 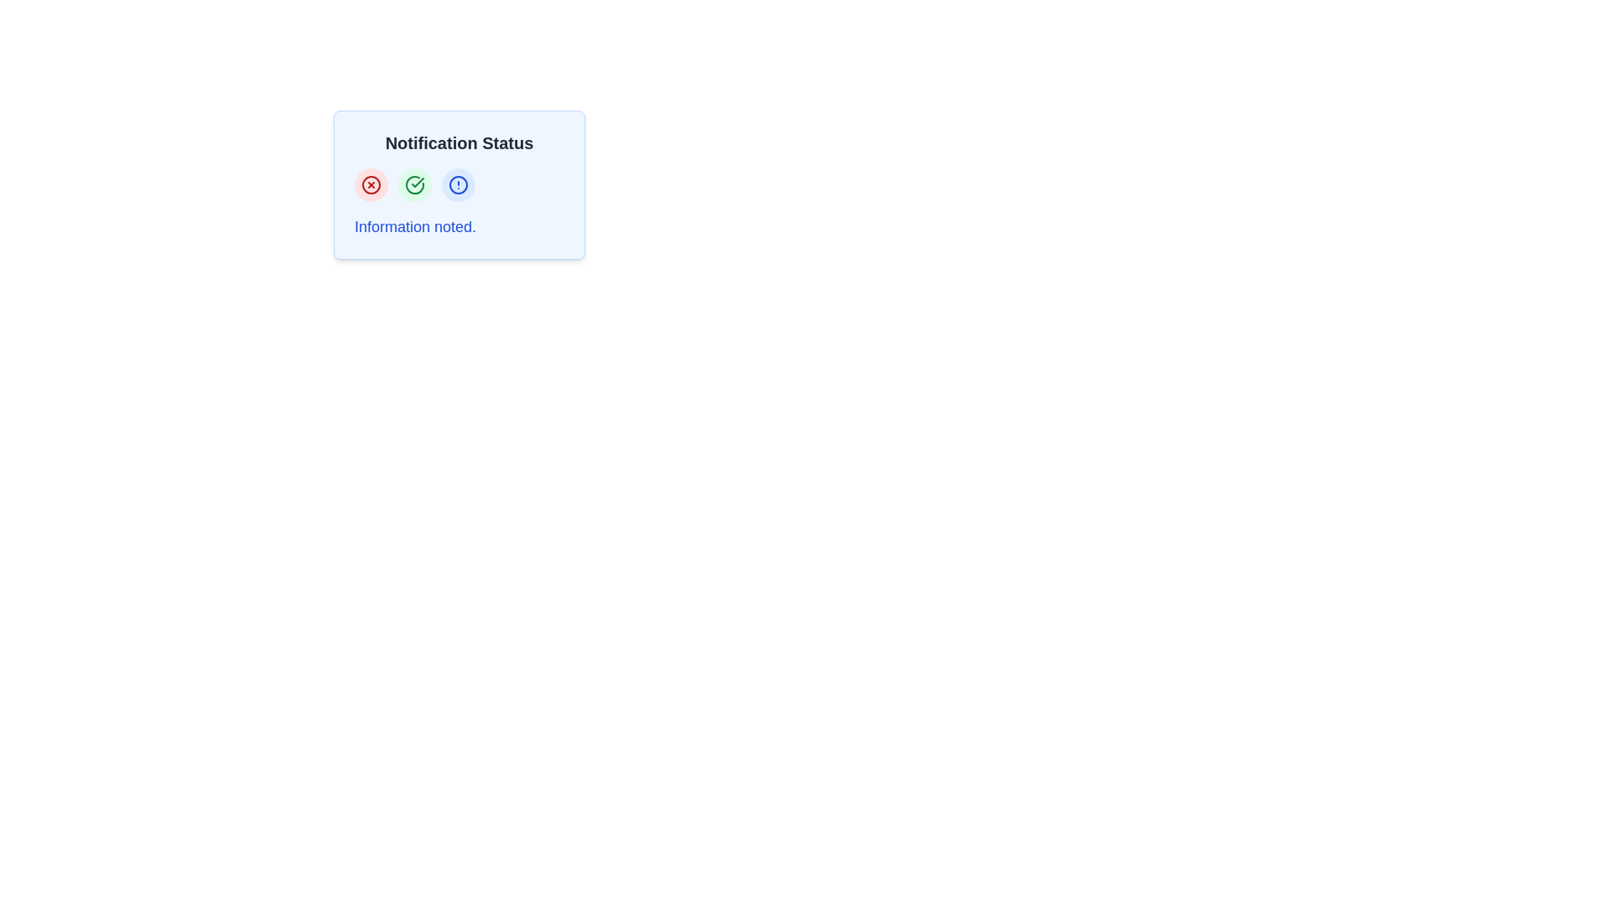 What do you see at coordinates (414, 184) in the screenshot?
I see `the circular green button with a check mark icon, which is the middle button in a group of three, to observe the visual response` at bounding box center [414, 184].